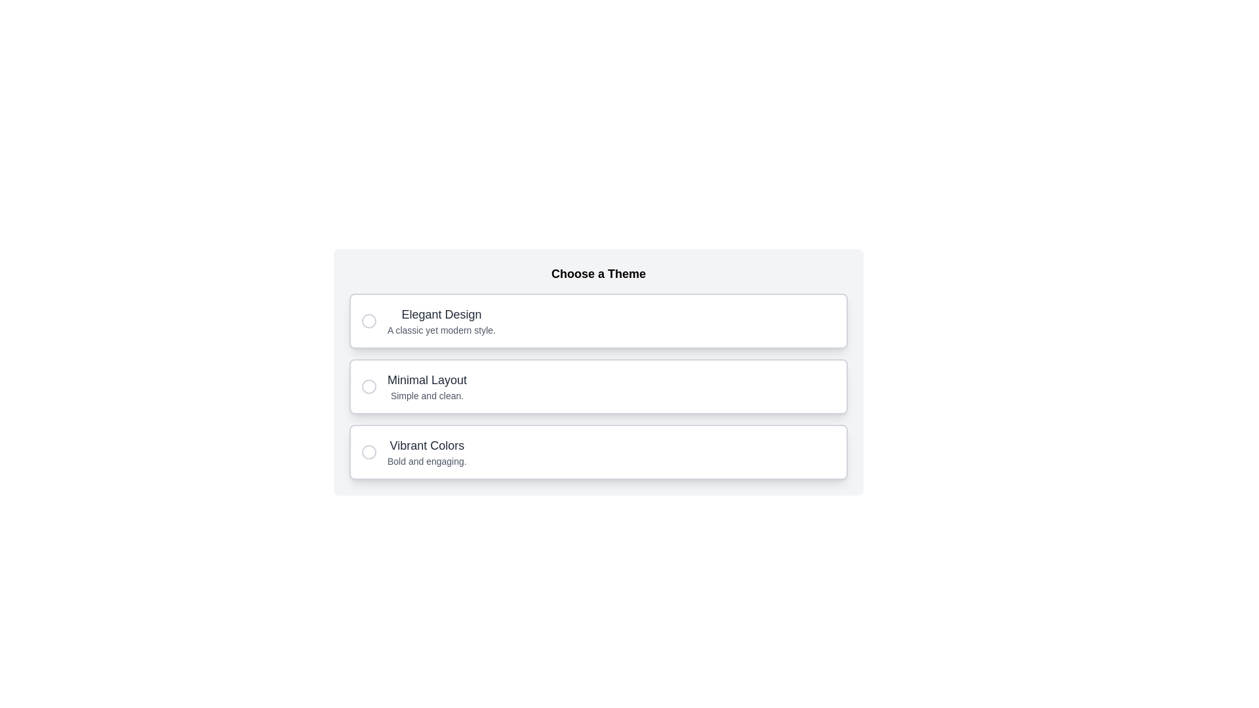 This screenshot has height=708, width=1259. What do you see at coordinates (597, 372) in the screenshot?
I see `the radio button option labeled 'Minimal Layout'` at bounding box center [597, 372].